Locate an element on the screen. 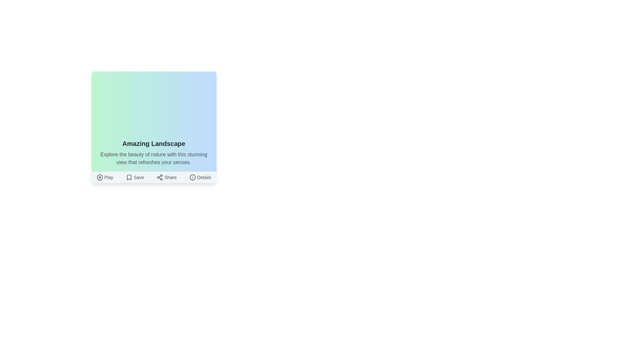 The image size is (625, 351). the informational icon located at the bottom-right of the 'Details' button within the 'Amazing Landscape' card is located at coordinates (192, 177).